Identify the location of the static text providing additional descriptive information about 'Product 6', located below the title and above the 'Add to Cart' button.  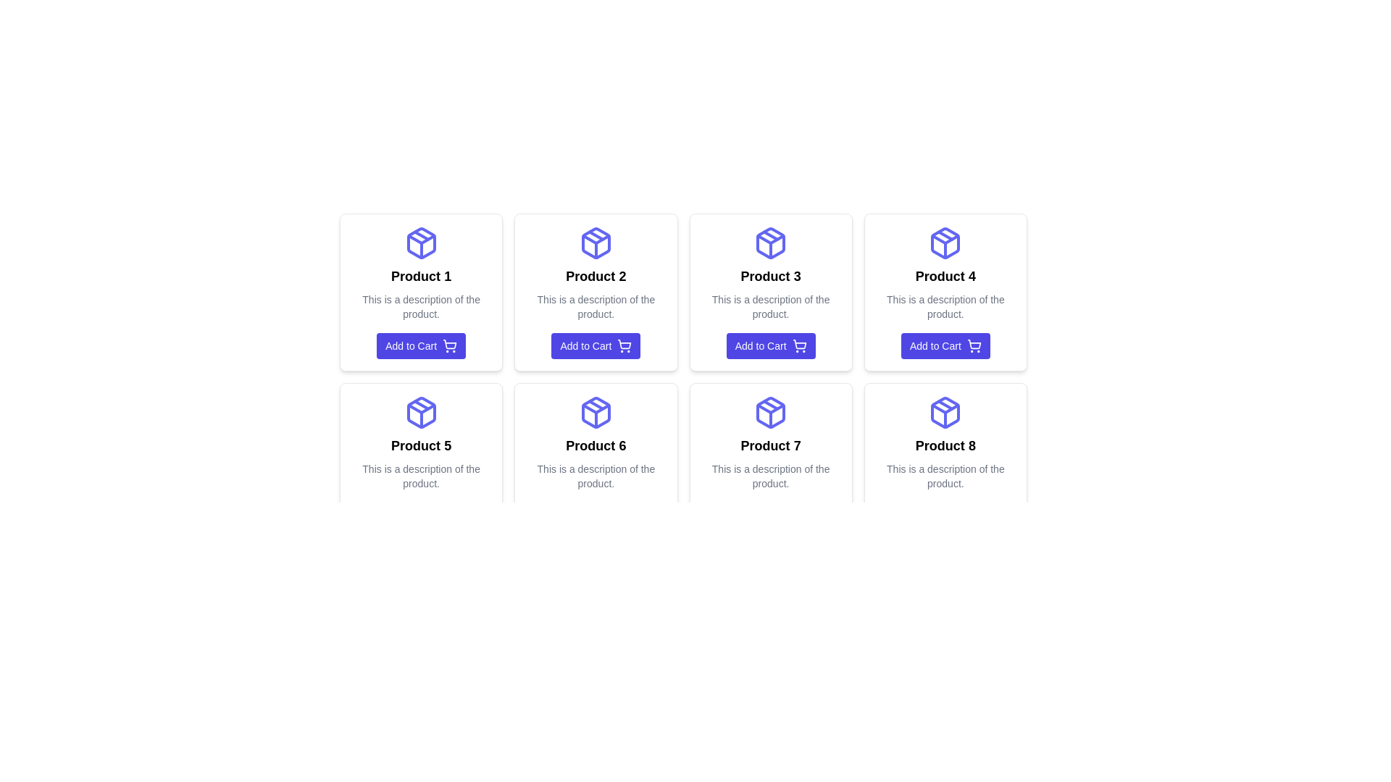
(596, 476).